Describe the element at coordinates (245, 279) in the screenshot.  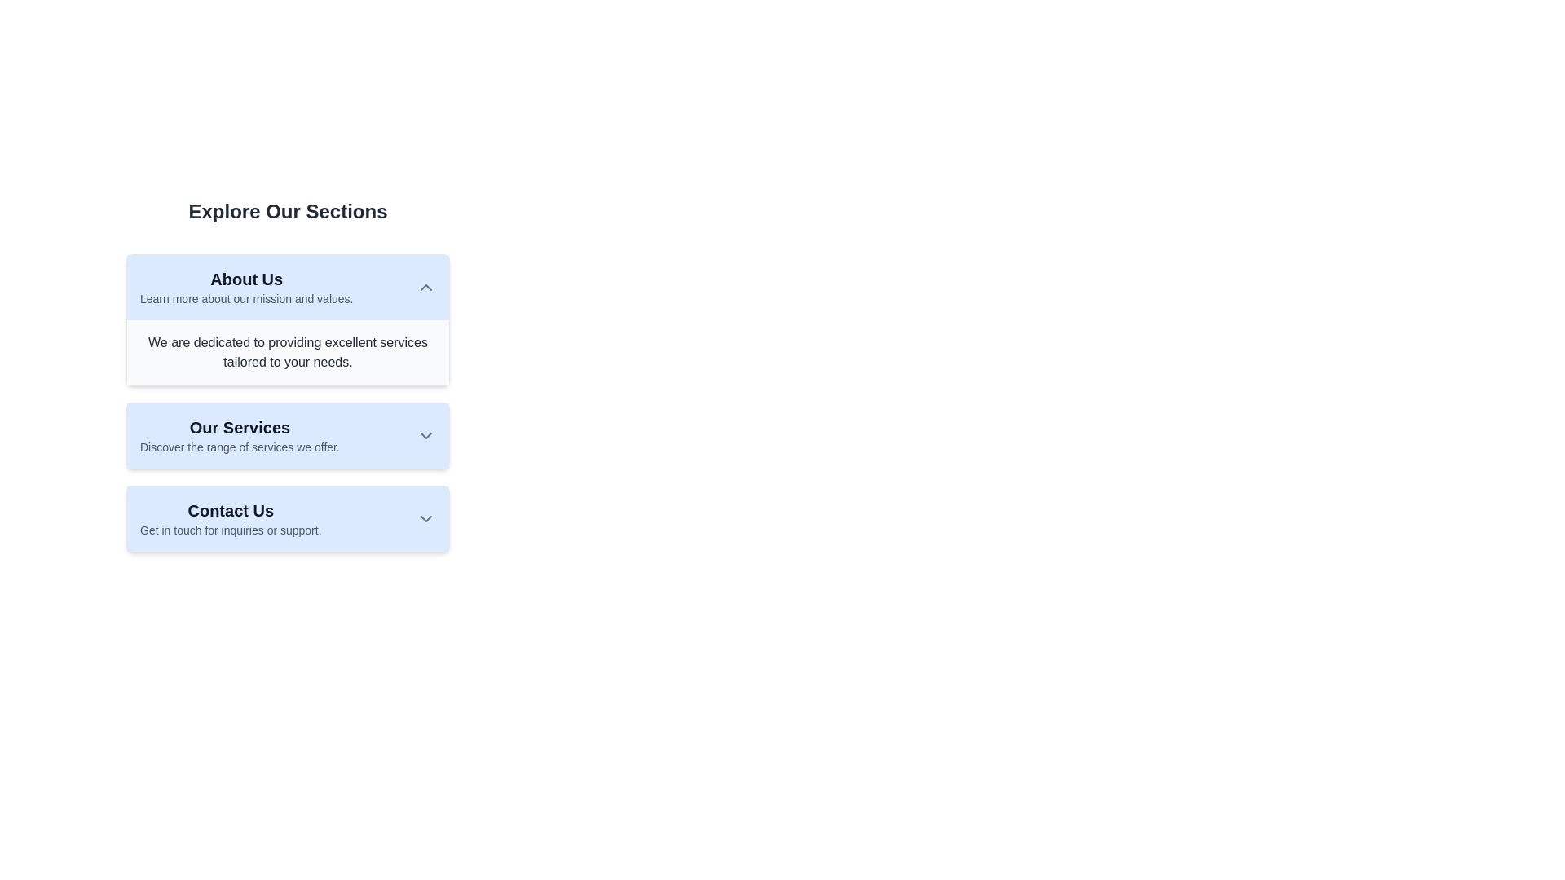
I see `the 'About Us' header text label, which serves as a non-interactive visual marker for the section, positioned above the smaller text 'Learn more about our mission and values.' and below the main header 'Explore Our Sections.'` at that location.